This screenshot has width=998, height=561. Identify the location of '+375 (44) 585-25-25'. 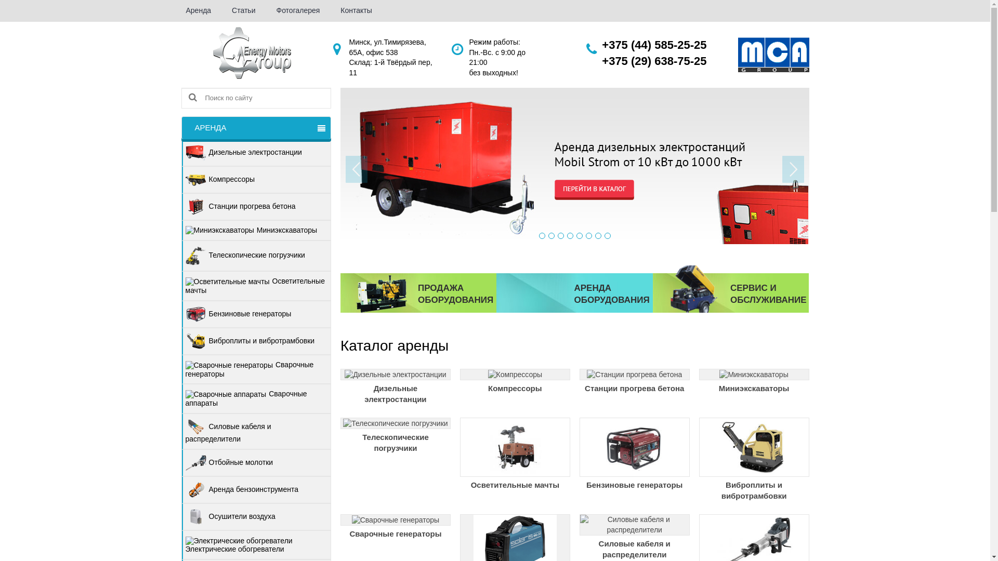
(653, 44).